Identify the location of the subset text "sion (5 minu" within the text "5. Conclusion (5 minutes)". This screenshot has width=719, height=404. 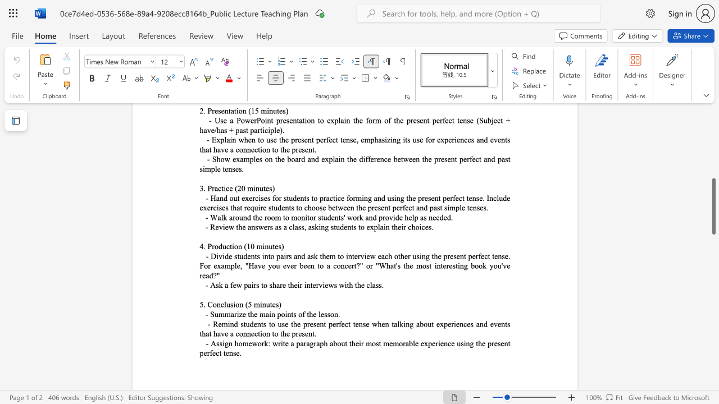
(229, 304).